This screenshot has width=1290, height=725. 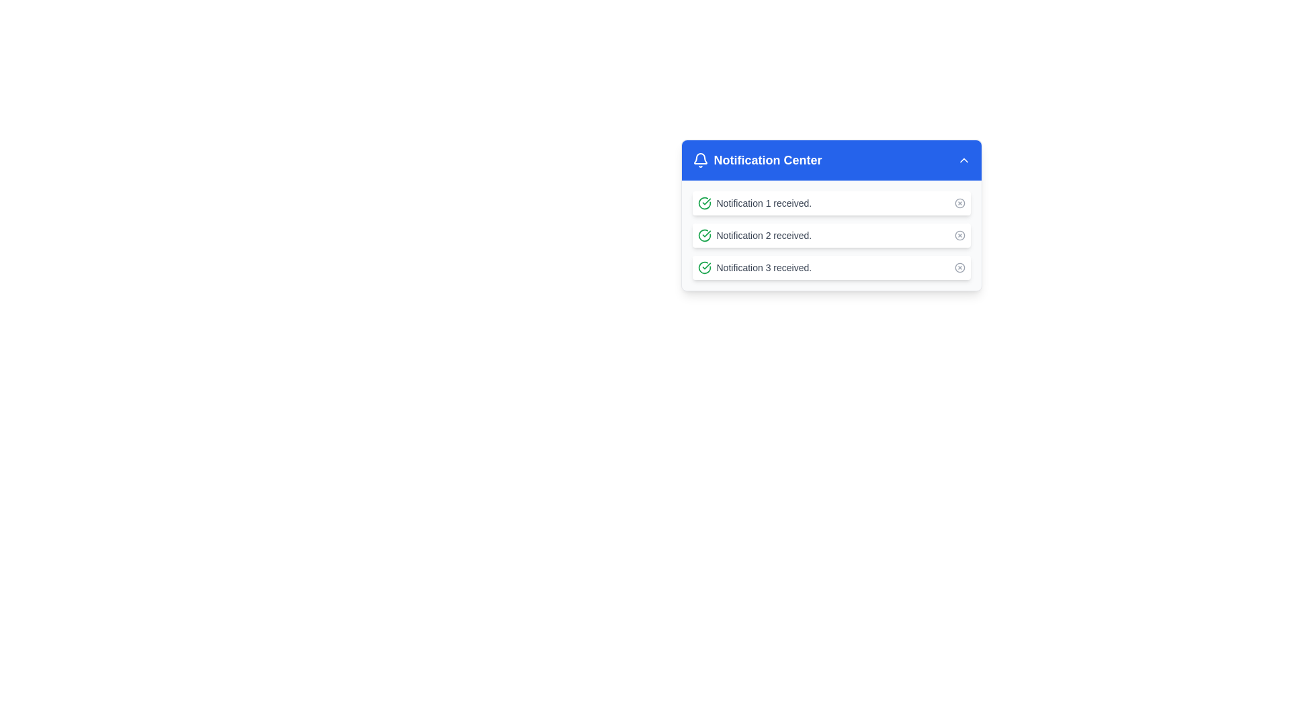 What do you see at coordinates (755, 235) in the screenshot?
I see `the Notification Item displaying 'Notification 2 received.' in the Notification Center to associate the visual indication (check mark) with the message` at bounding box center [755, 235].